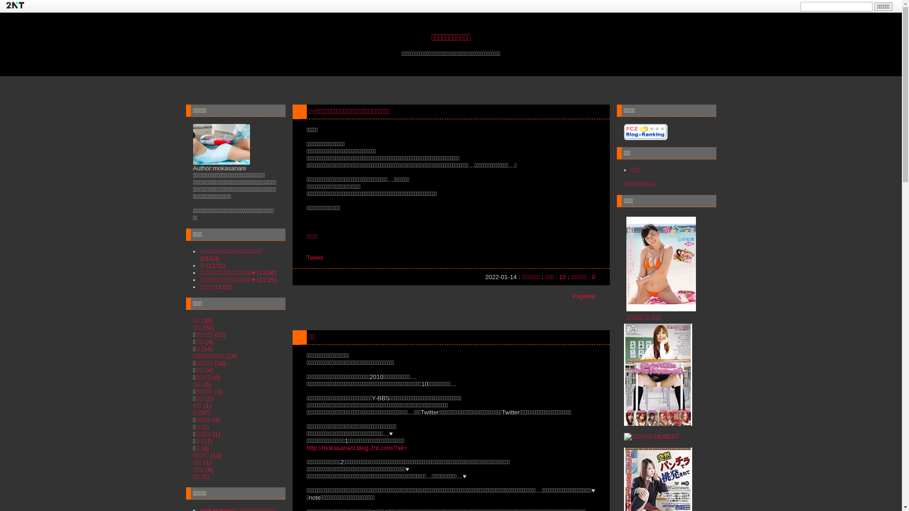 Image resolution: width=909 pixels, height=511 pixels. Describe the element at coordinates (572, 295) in the screenshot. I see `'Pagetop'` at that location.